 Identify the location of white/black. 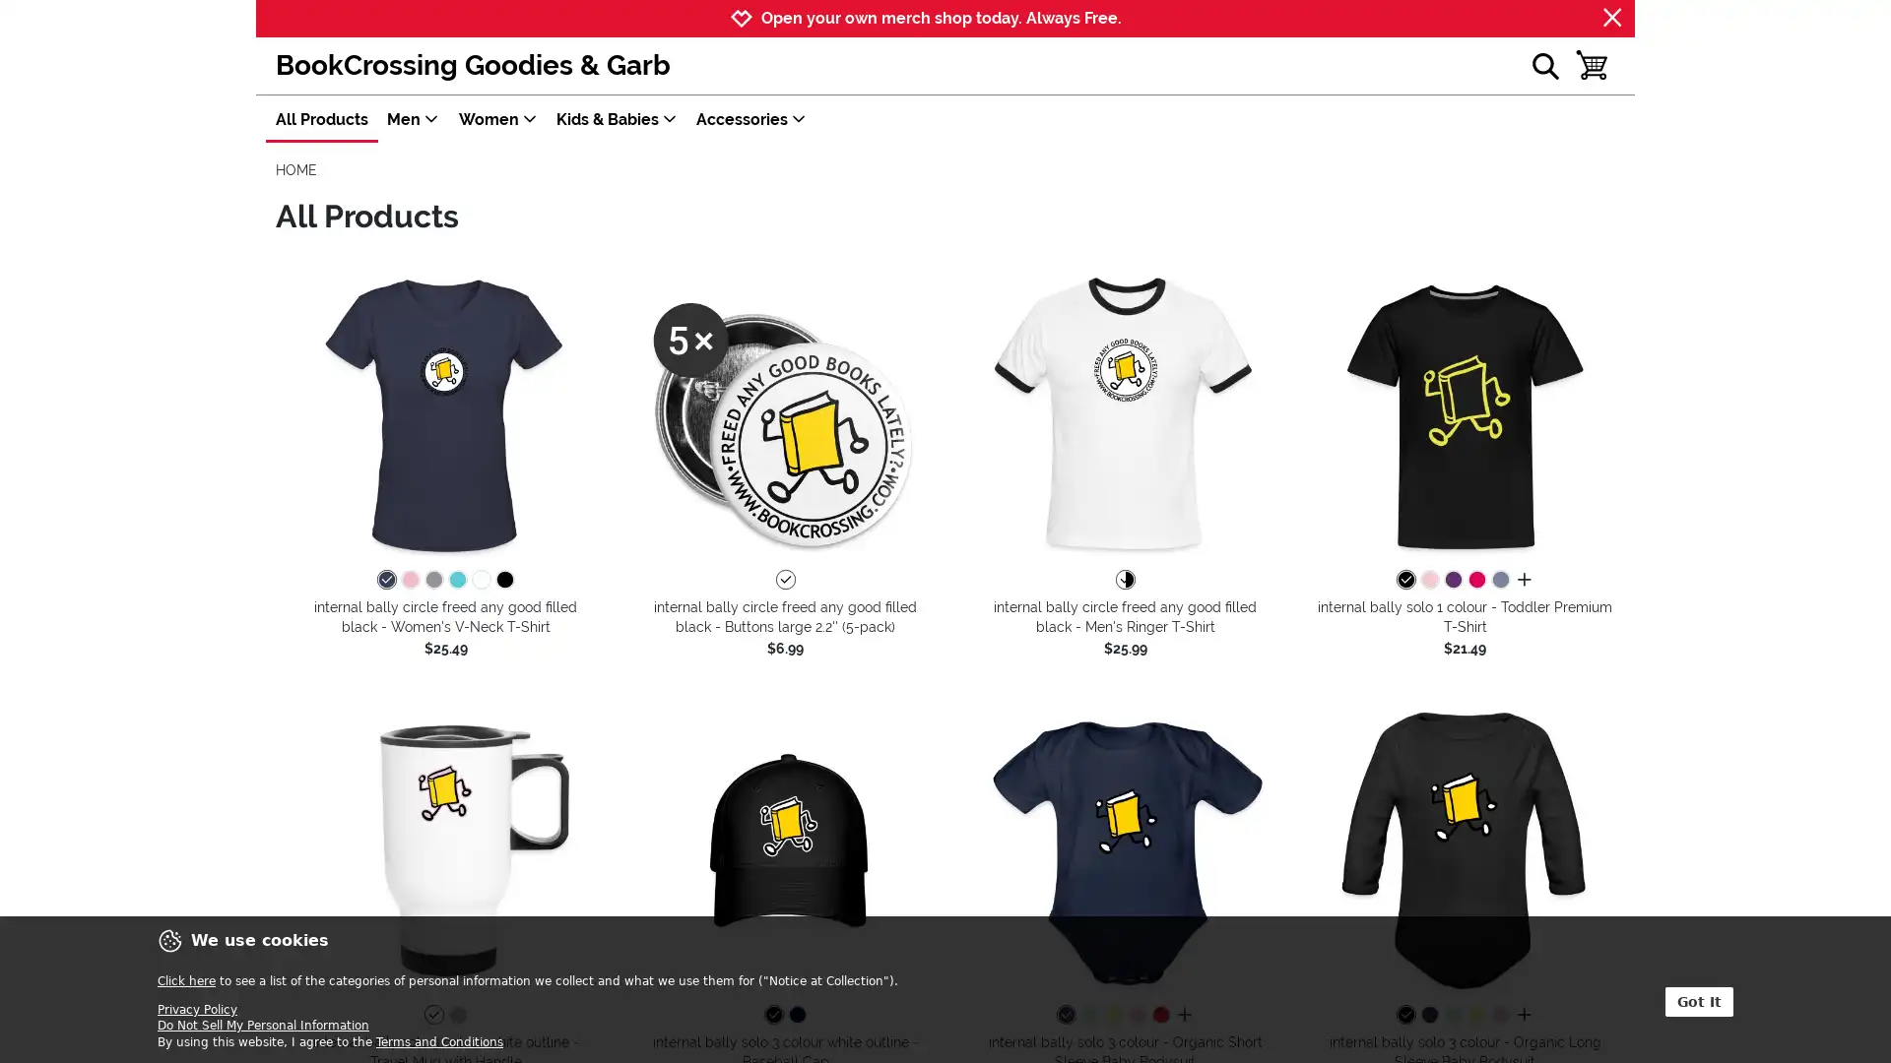
(1125, 580).